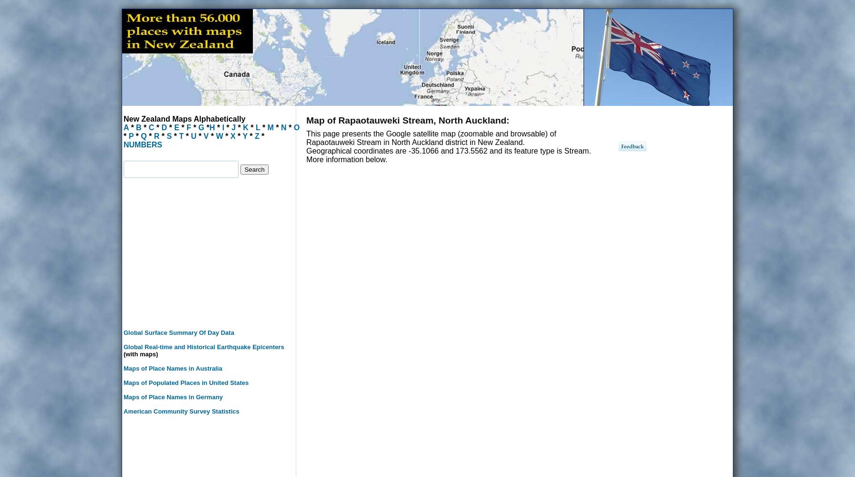  Describe the element at coordinates (306, 120) in the screenshot. I see `'Map of Rapaotauweki Stream, North Auckland:'` at that location.